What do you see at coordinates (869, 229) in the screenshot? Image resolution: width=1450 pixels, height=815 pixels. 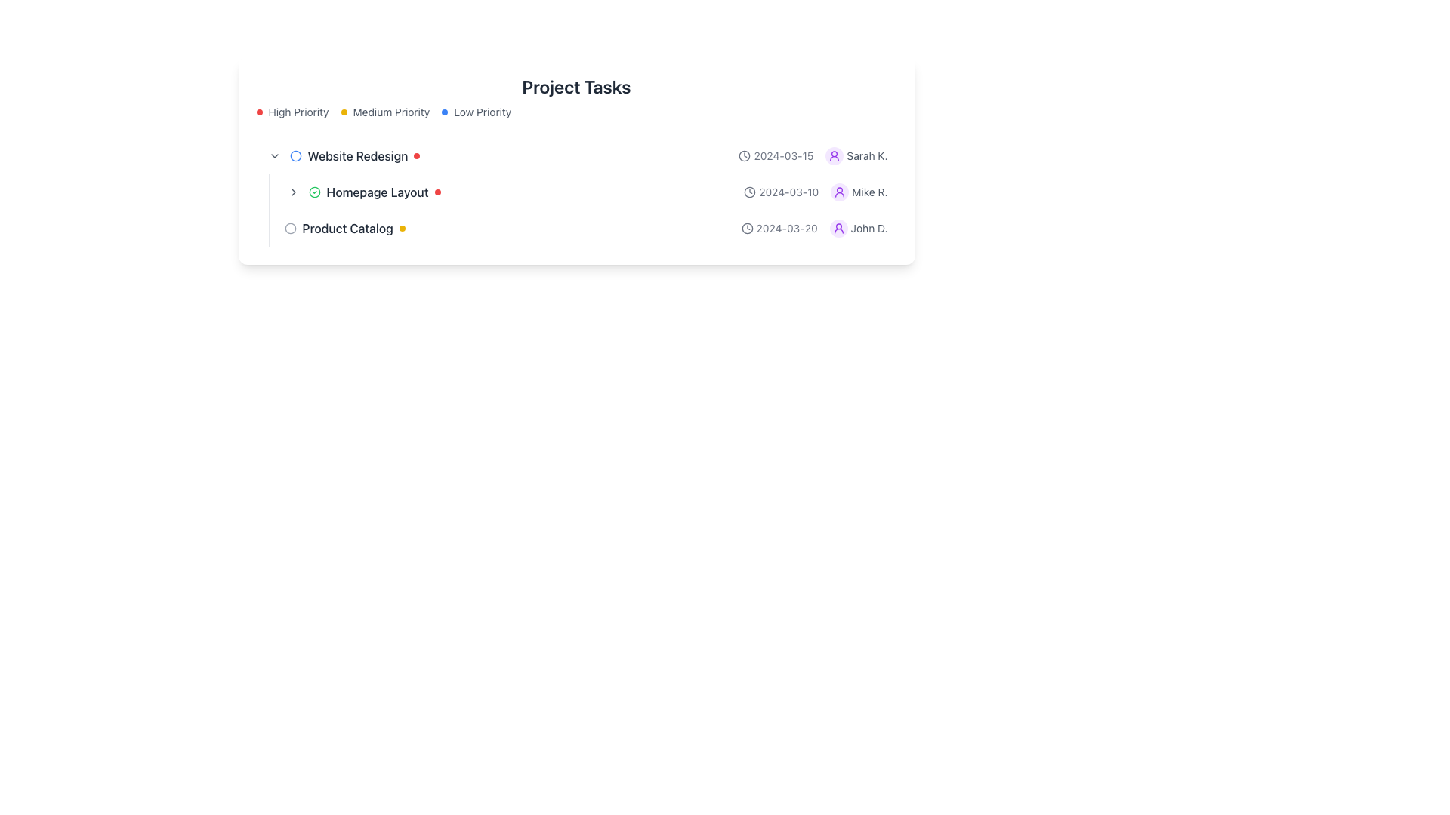 I see `the Text label displaying the name 'John D.', located at the bottom right in the list of users, adjacent to a user icon, and visually associated with the date '2024-03-20'` at bounding box center [869, 229].